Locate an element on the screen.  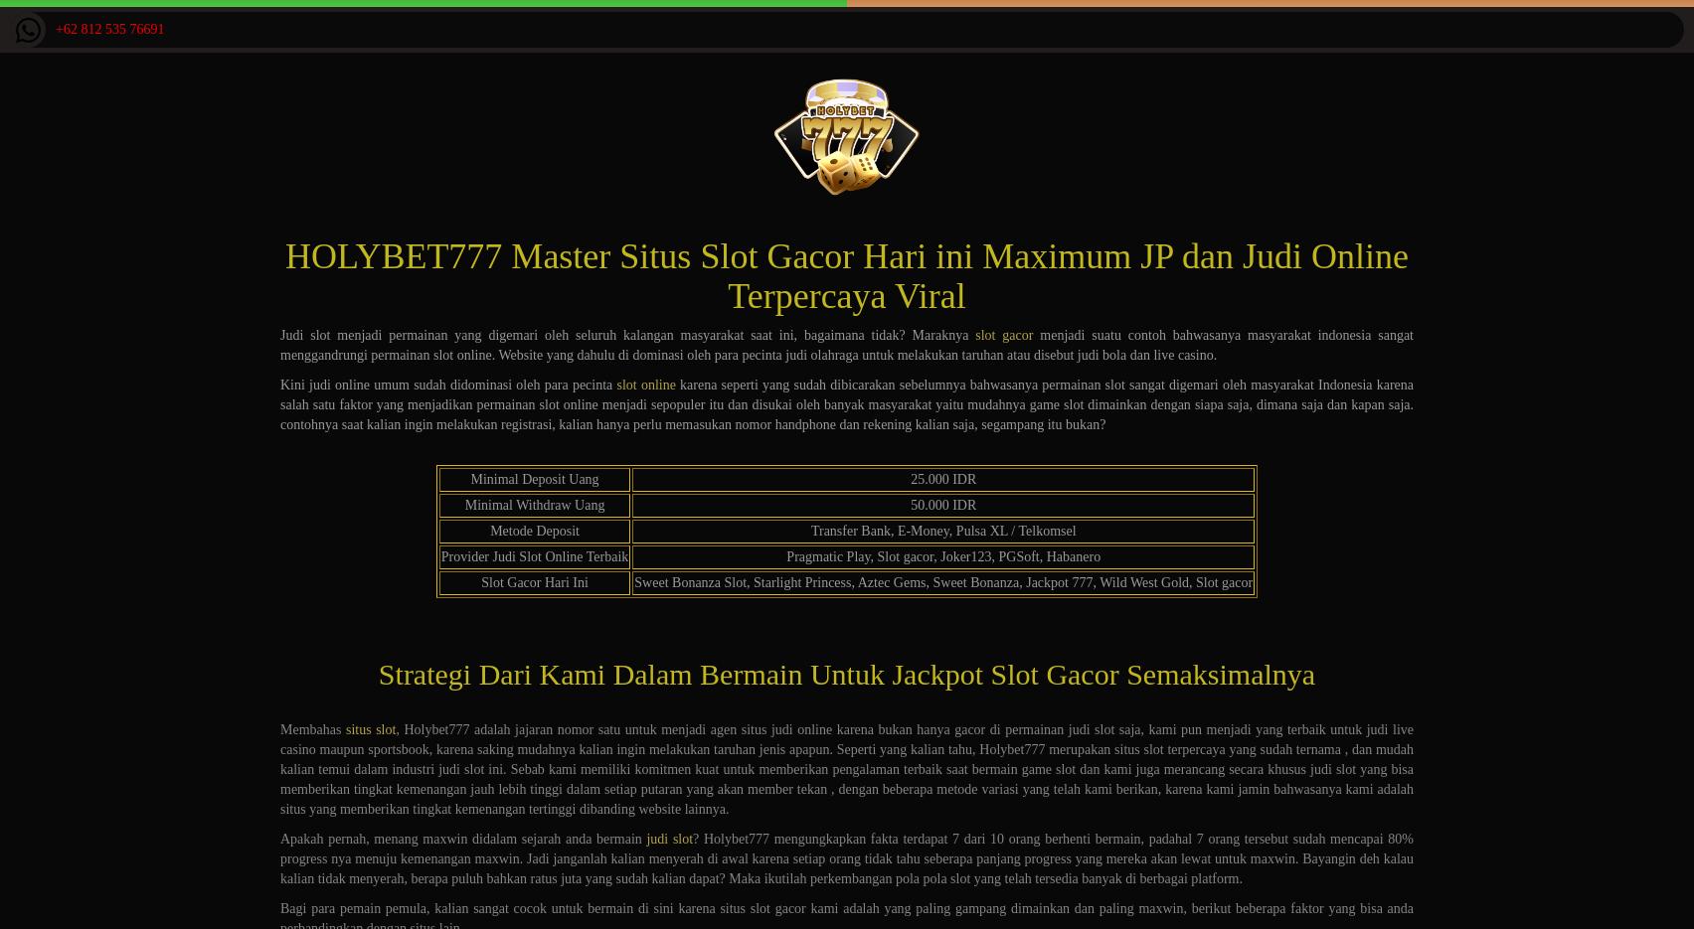
'situs slot' is located at coordinates (369, 729).